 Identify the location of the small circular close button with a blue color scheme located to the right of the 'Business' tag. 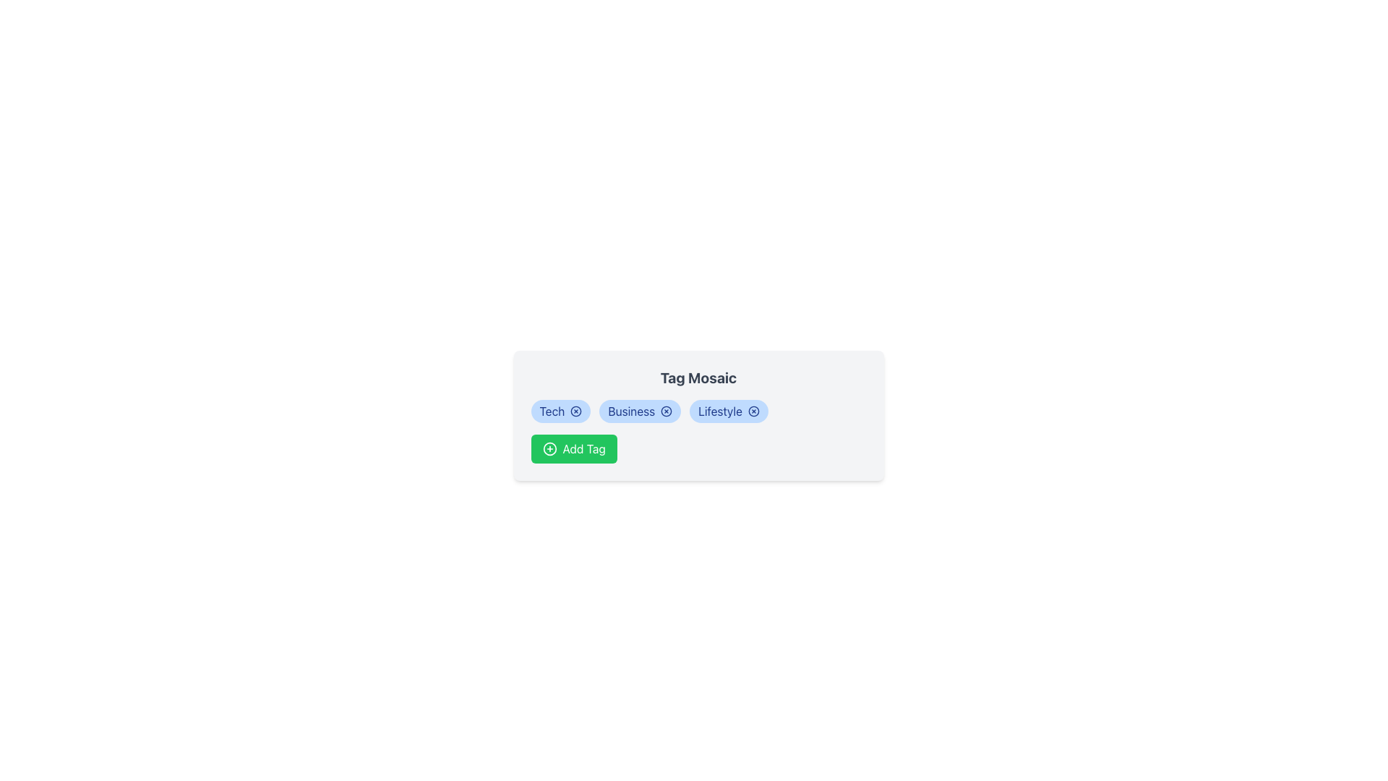
(666, 411).